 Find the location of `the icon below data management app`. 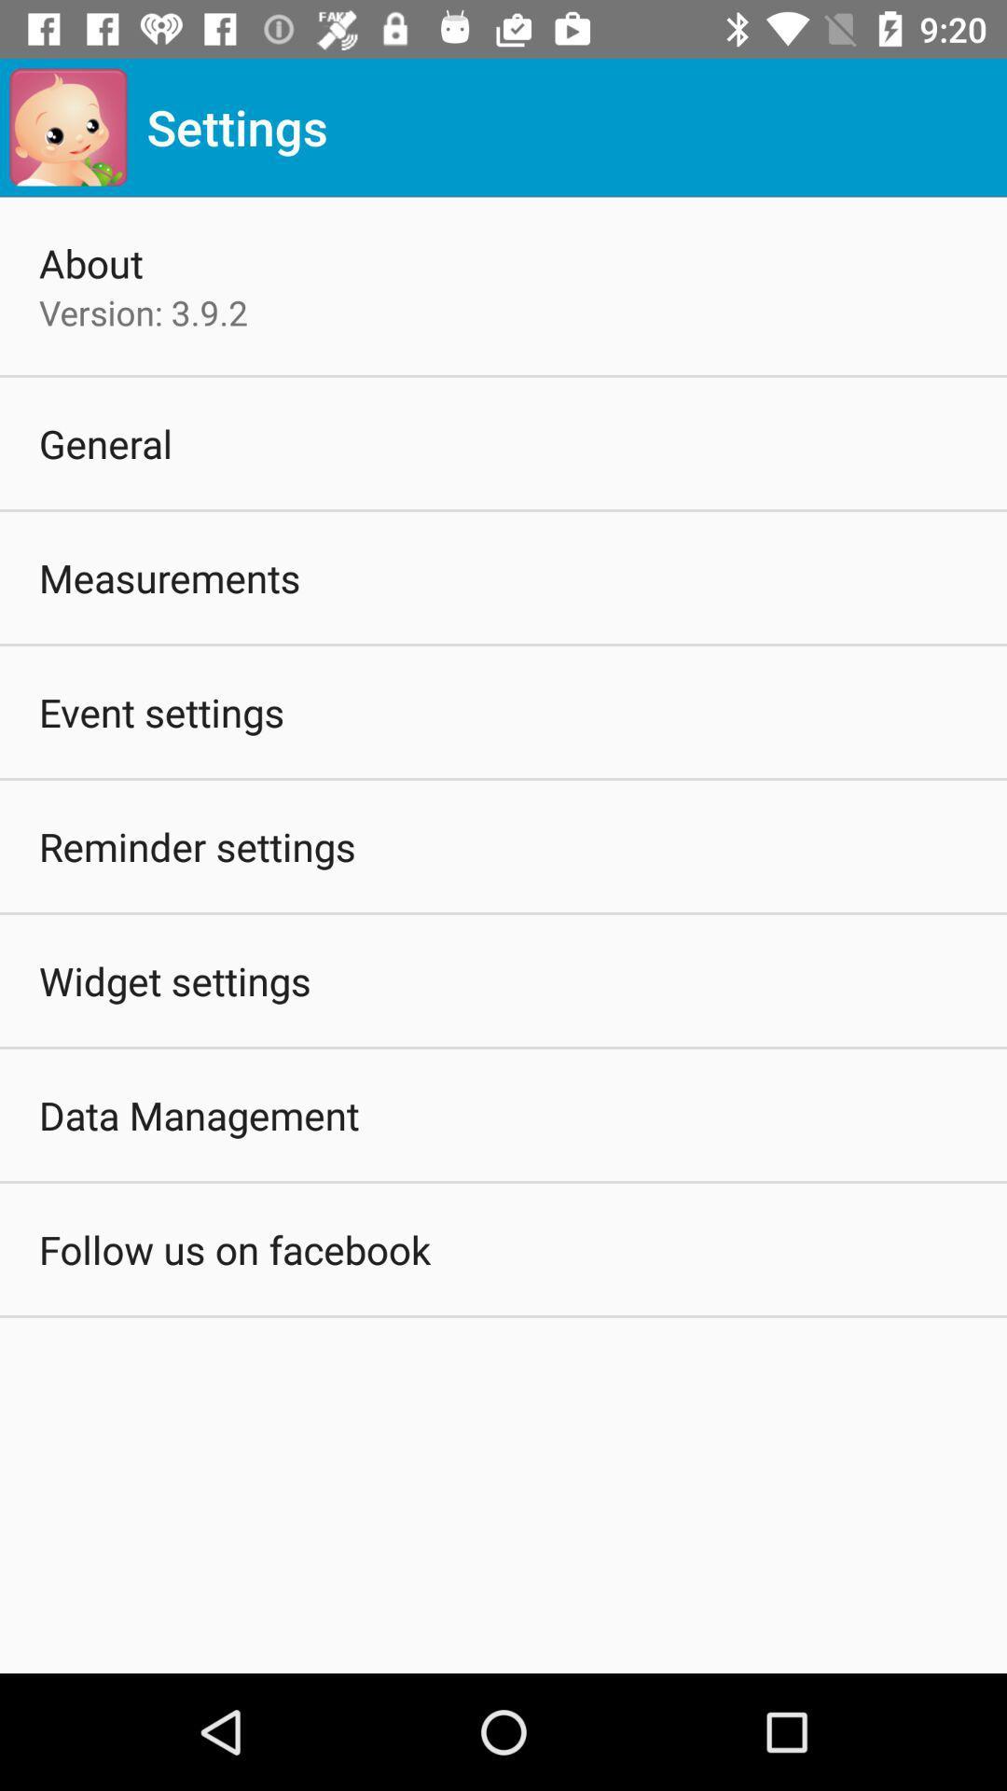

the icon below data management app is located at coordinates (233, 1249).